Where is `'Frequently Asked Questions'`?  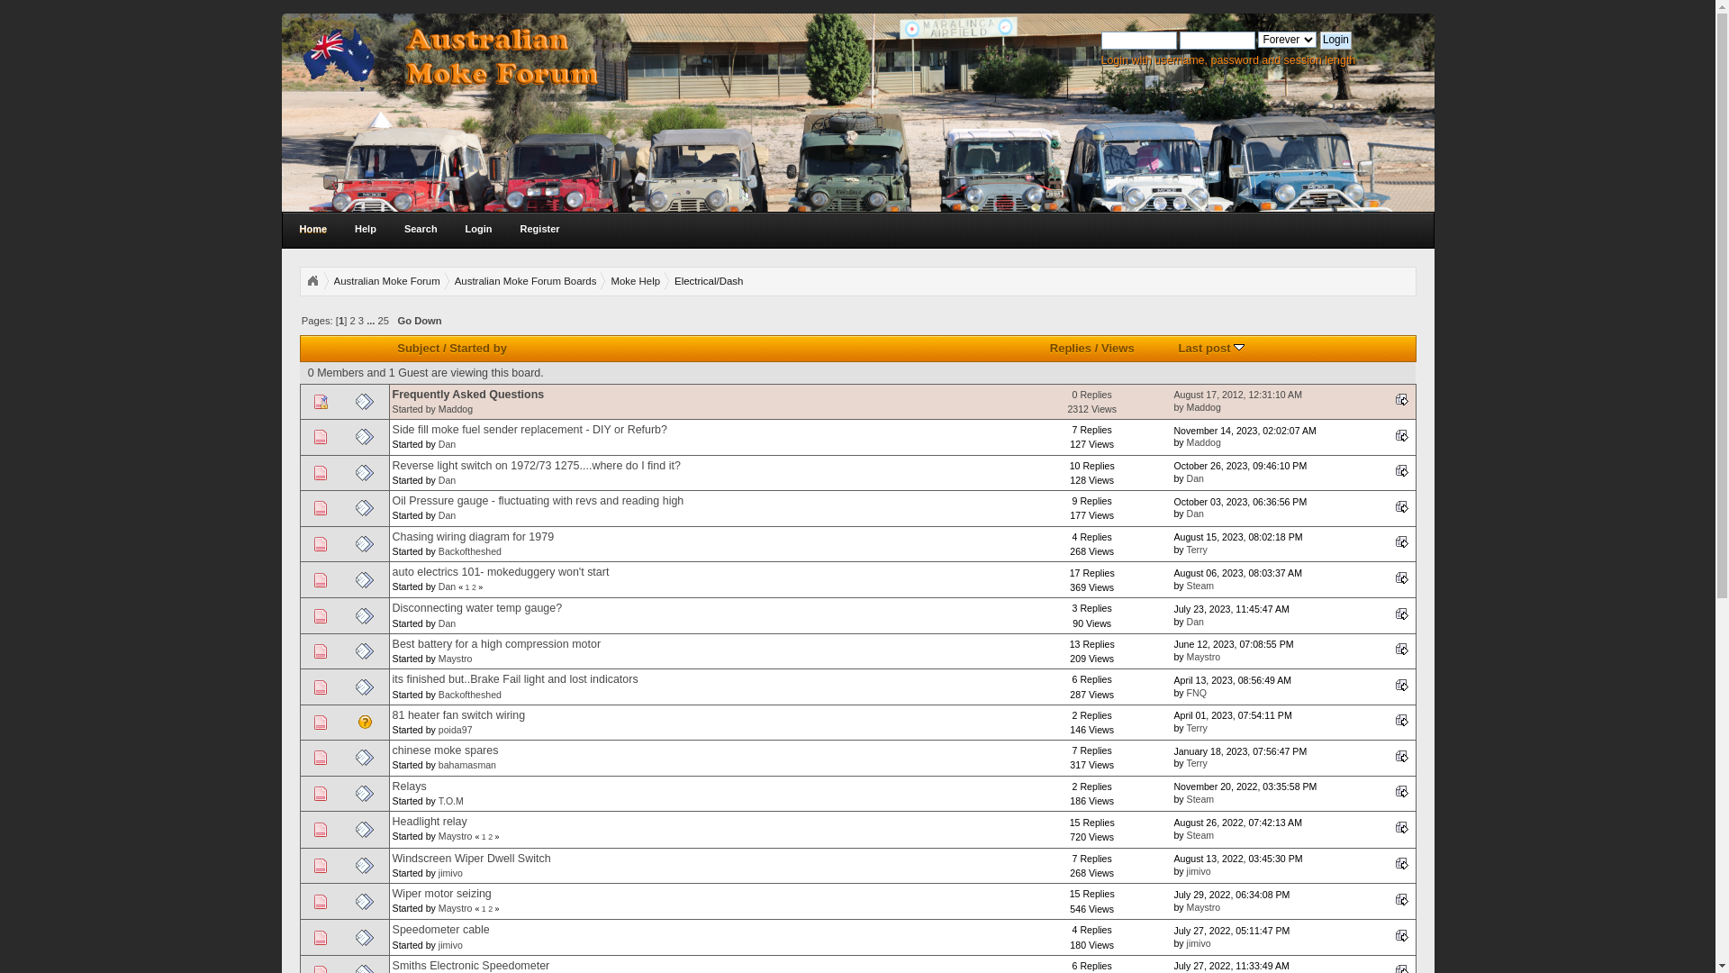 'Frequently Asked Questions' is located at coordinates (392, 394).